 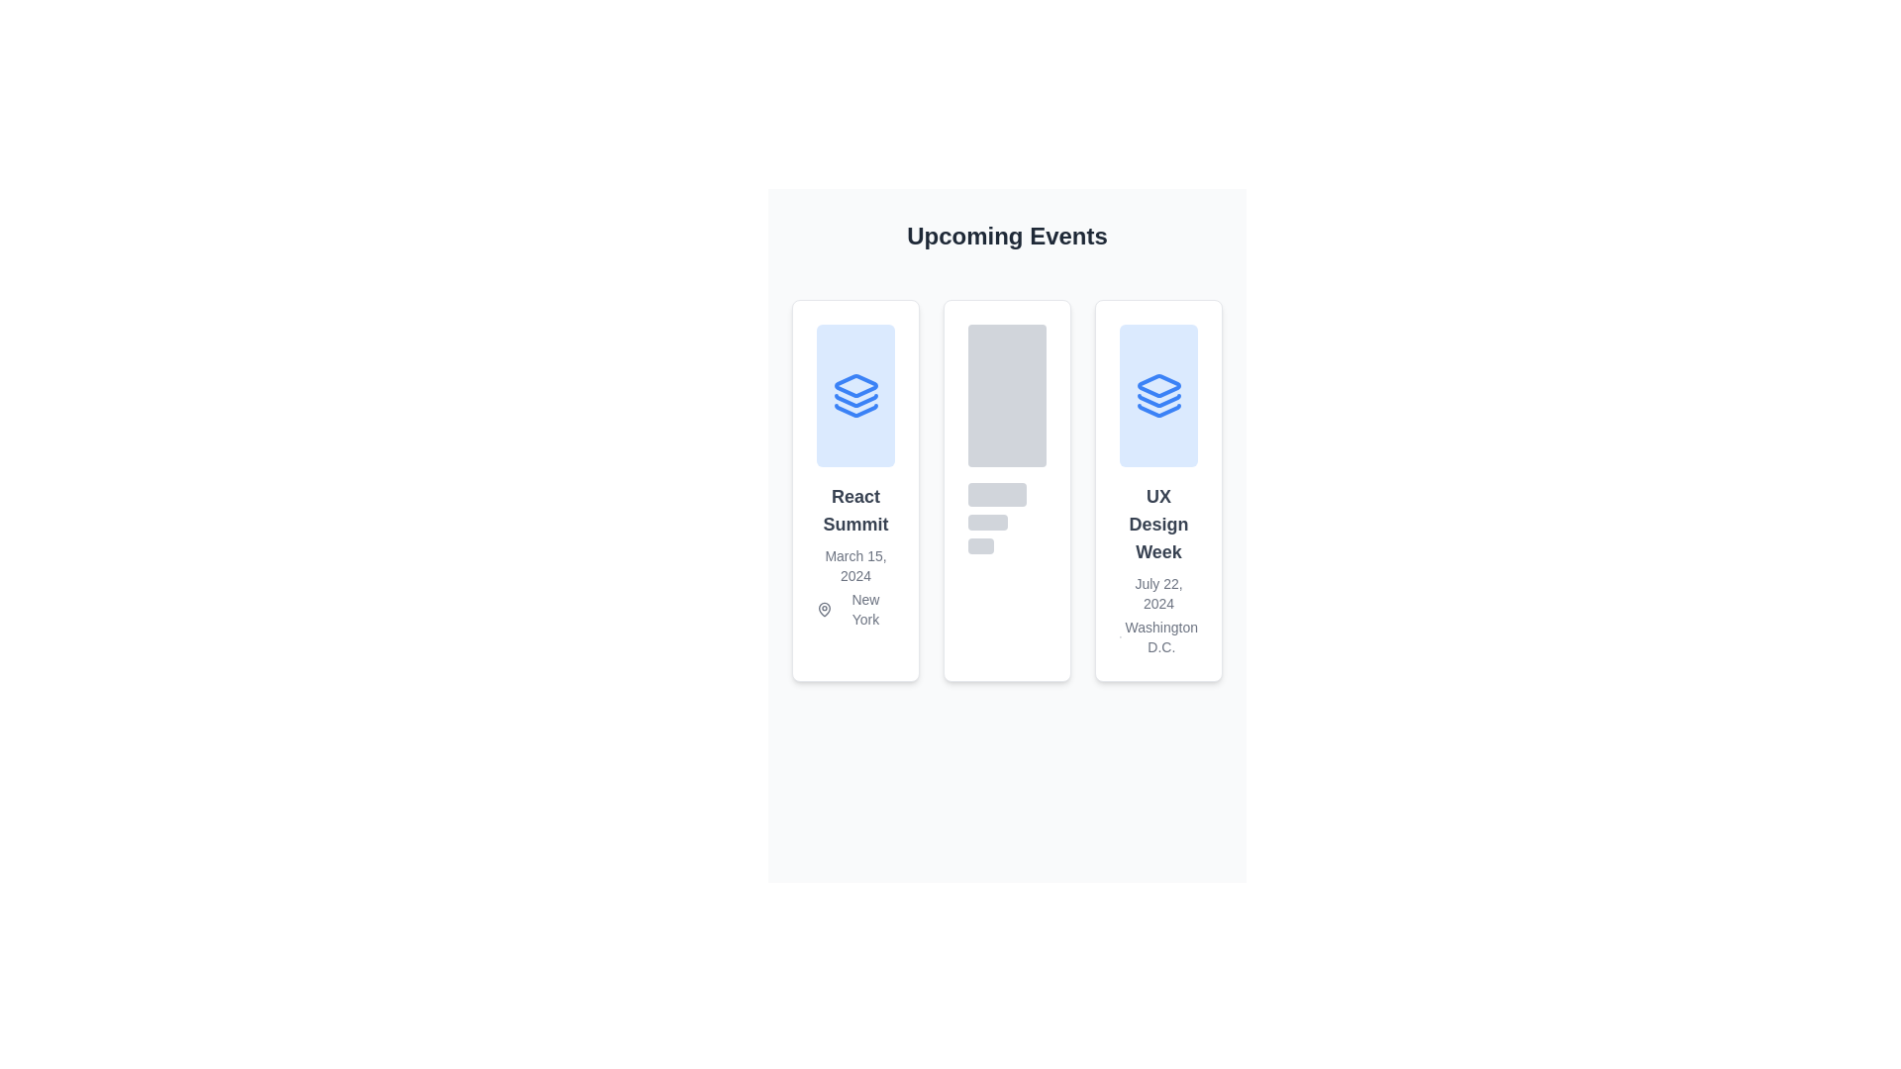 What do you see at coordinates (1007, 490) in the screenshot?
I see `the Loading placeholder card located in the Upcoming Events section, positioned between the React Summit and UX Design Week cards` at bounding box center [1007, 490].